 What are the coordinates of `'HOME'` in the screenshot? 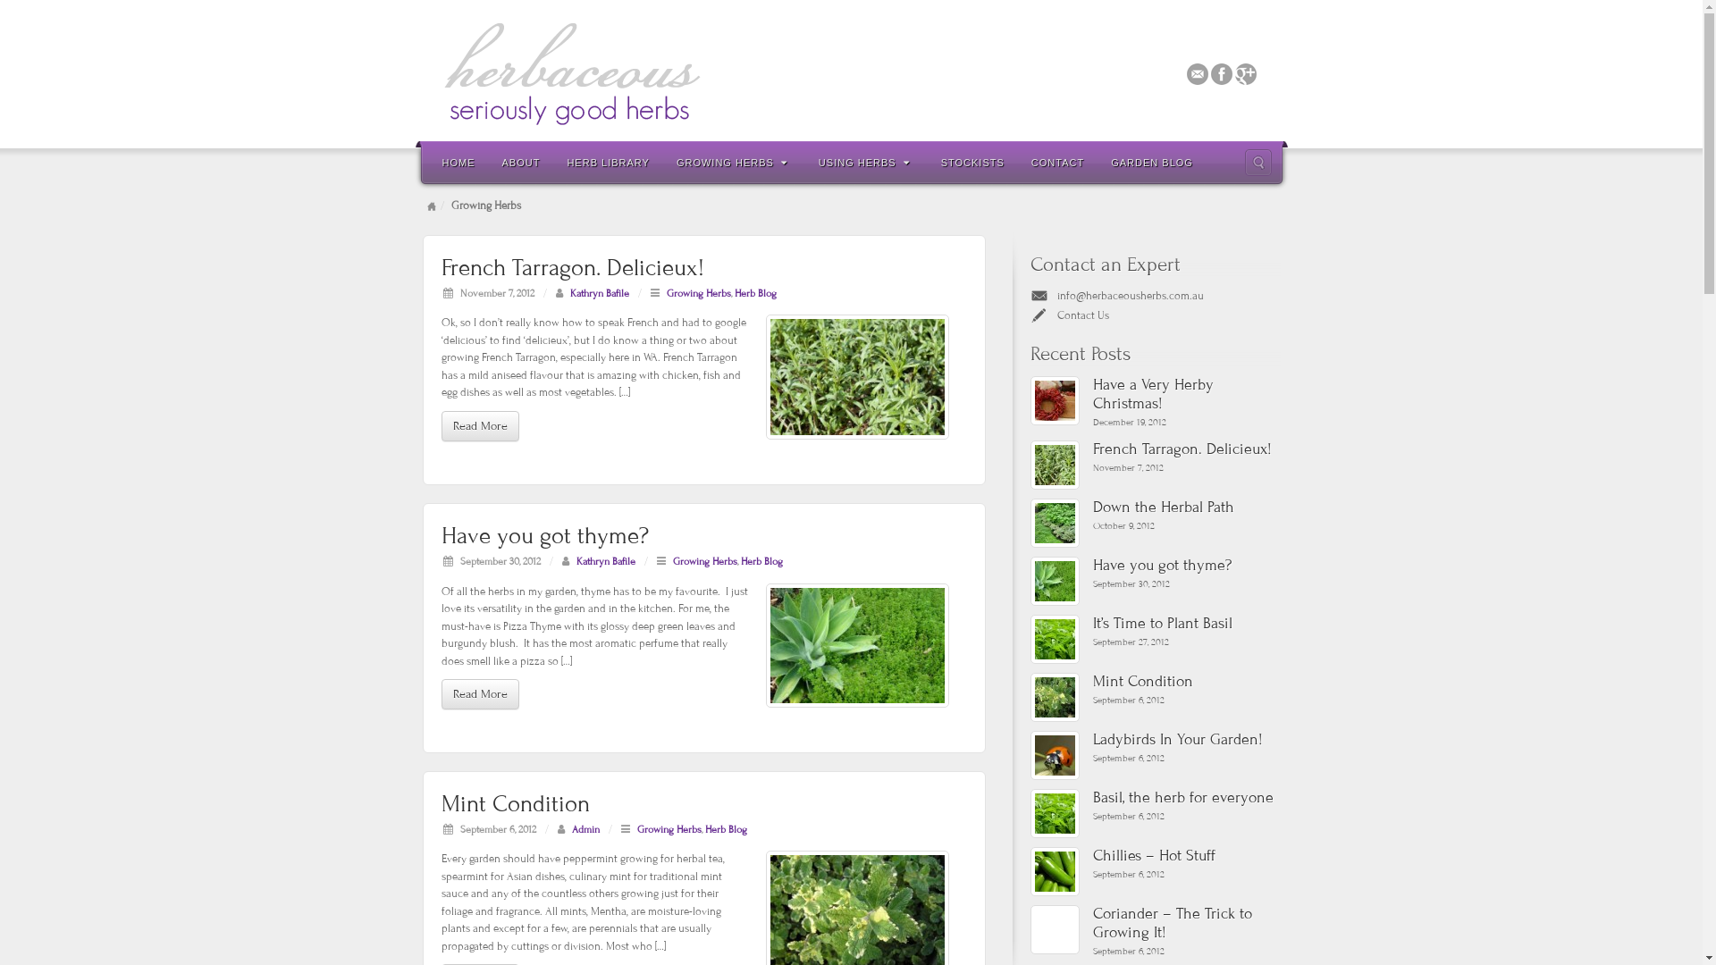 It's located at (458, 162).